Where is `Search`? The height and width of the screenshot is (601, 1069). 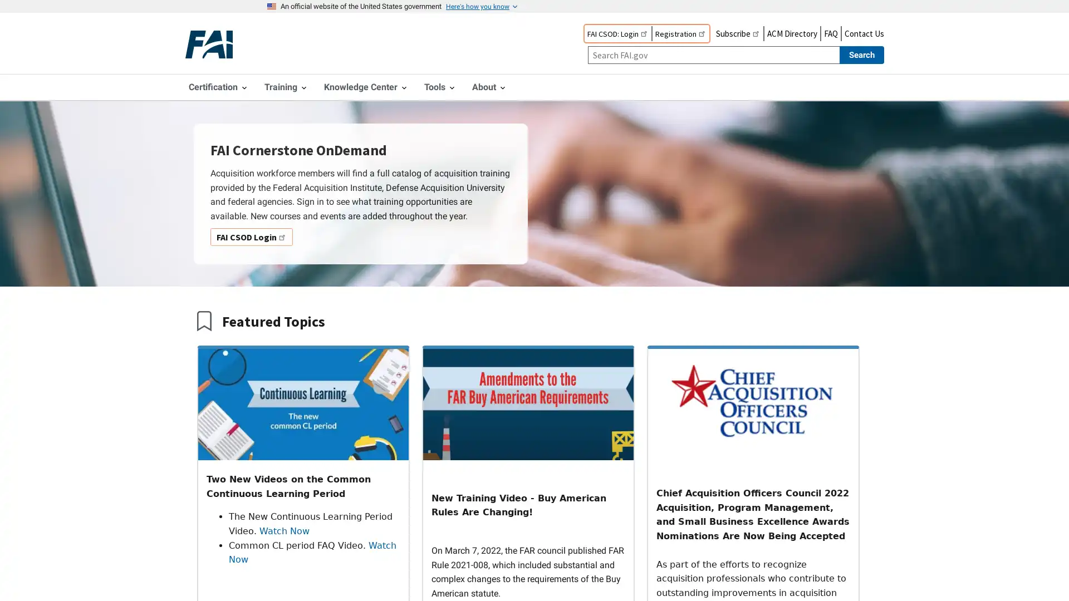 Search is located at coordinates (860, 55).